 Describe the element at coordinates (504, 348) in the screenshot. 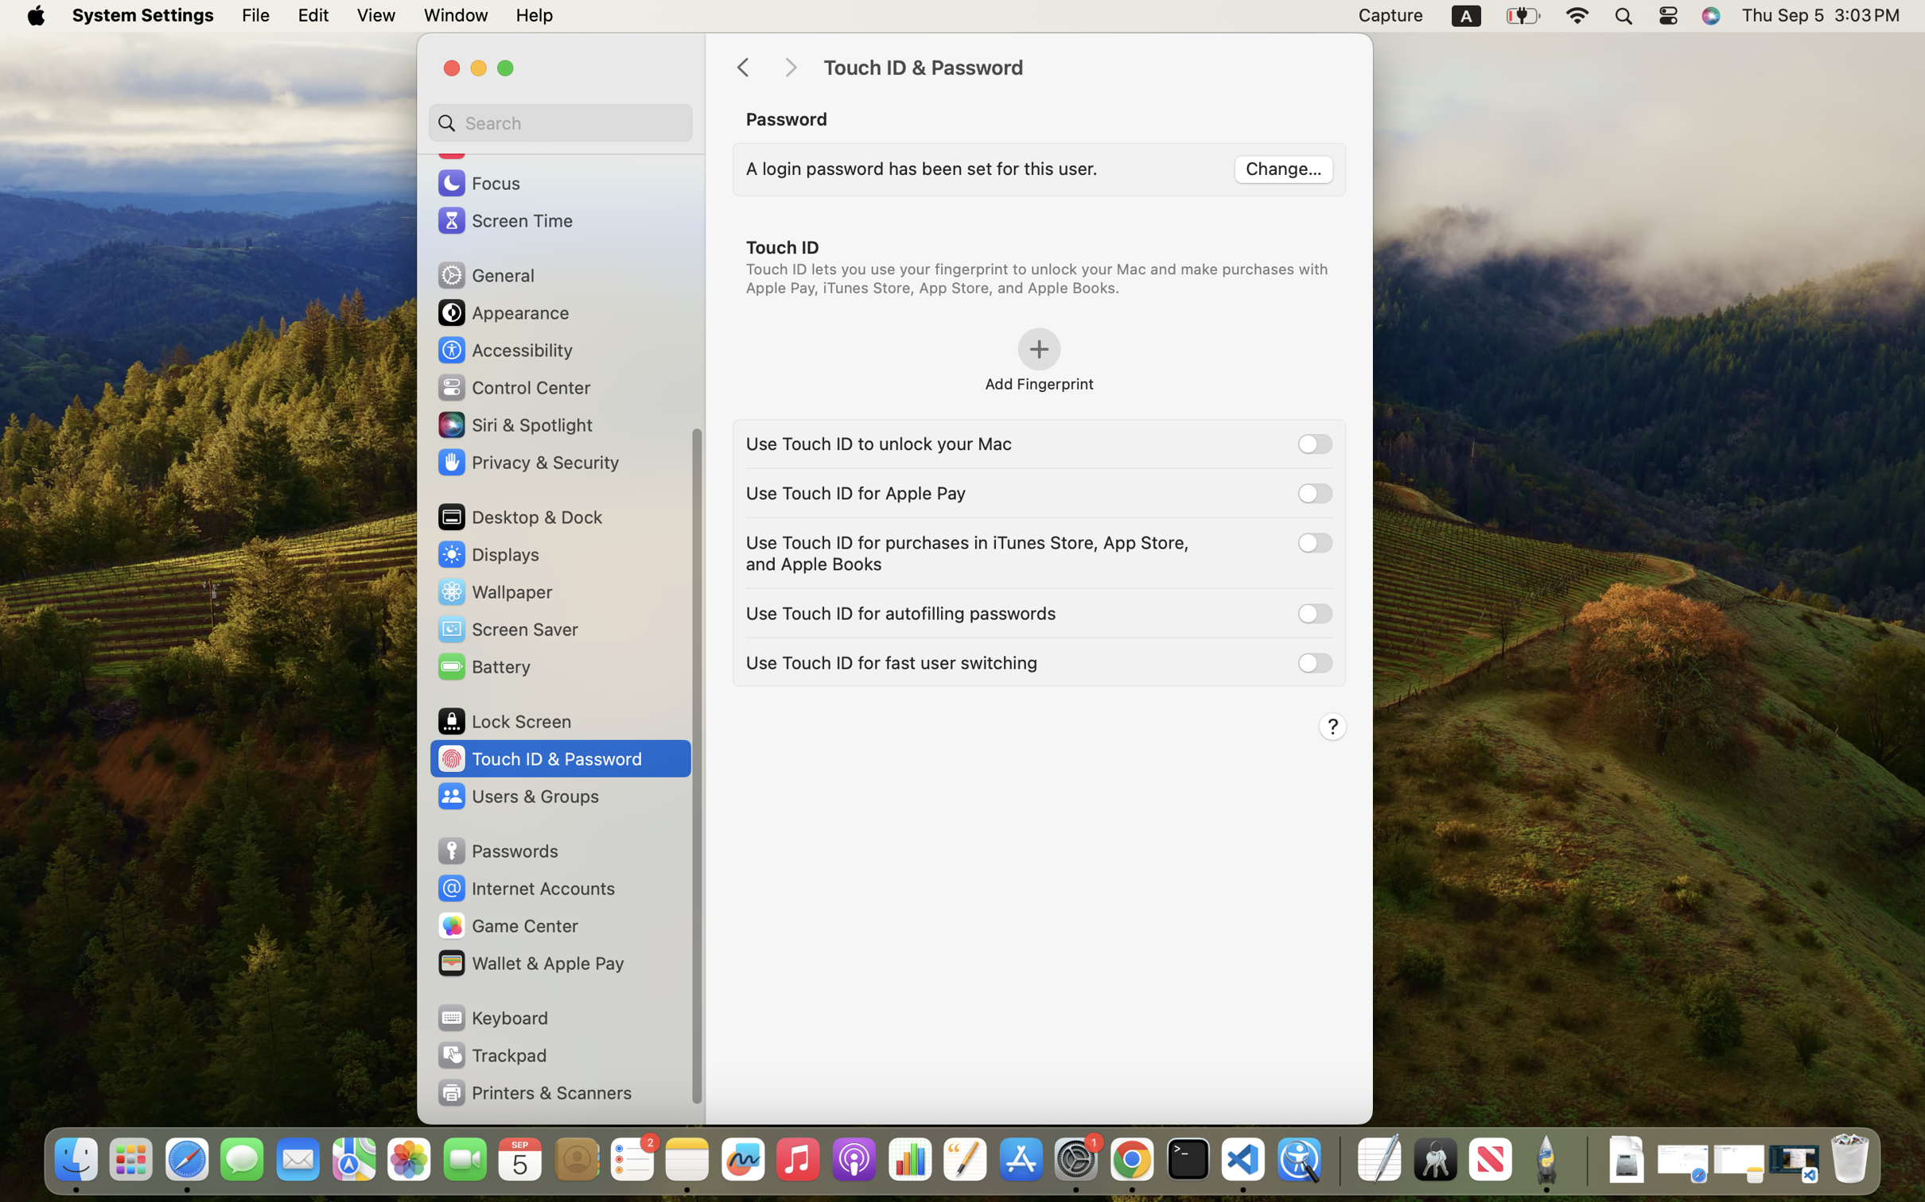

I see `'Accessibility'` at that location.